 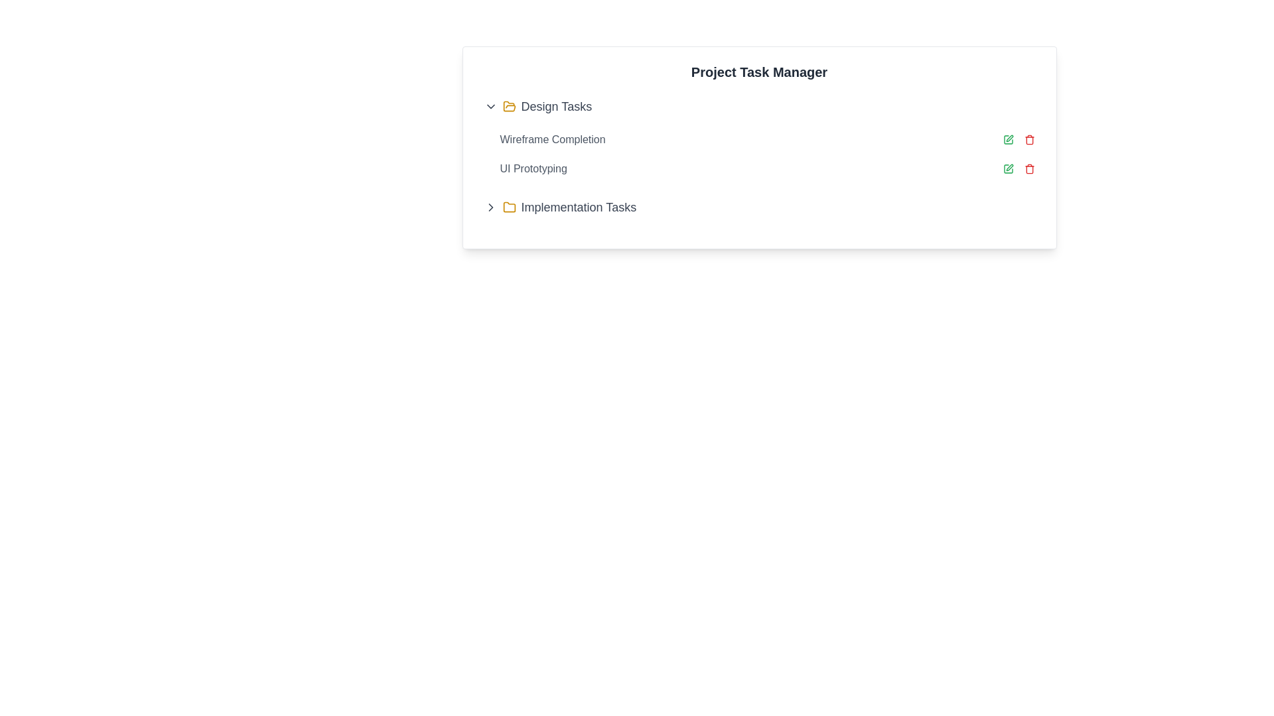 I want to click on the red trash can icon button, which is located to the far right of the 'Wireframe Completion' text row, so click(x=1028, y=140).